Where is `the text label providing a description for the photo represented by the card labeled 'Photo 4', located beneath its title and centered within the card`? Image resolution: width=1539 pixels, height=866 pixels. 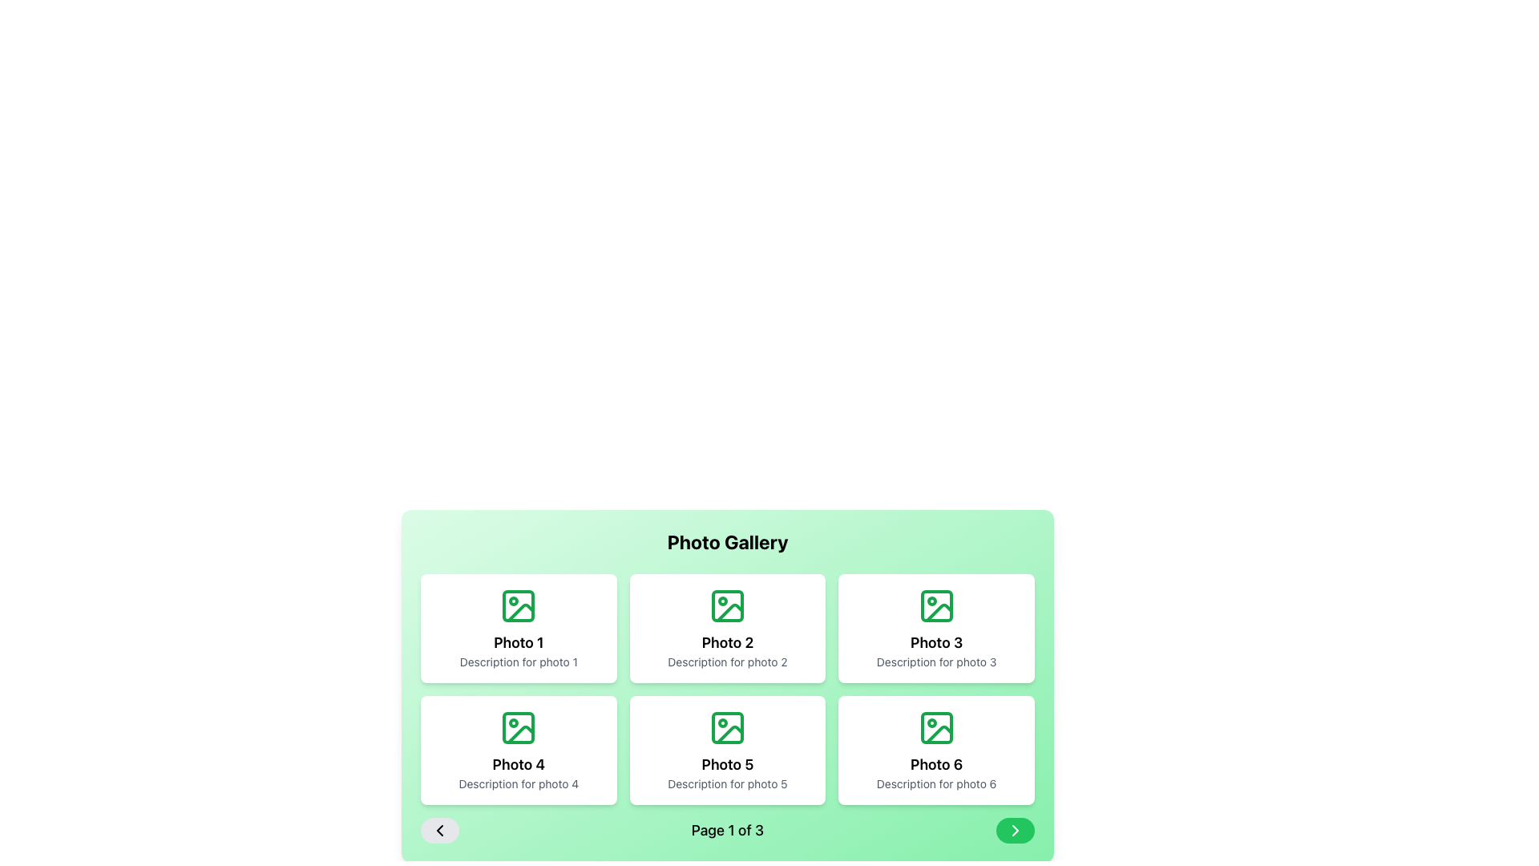
the text label providing a description for the photo represented by the card labeled 'Photo 4', located beneath its title and centered within the card is located at coordinates (519, 783).